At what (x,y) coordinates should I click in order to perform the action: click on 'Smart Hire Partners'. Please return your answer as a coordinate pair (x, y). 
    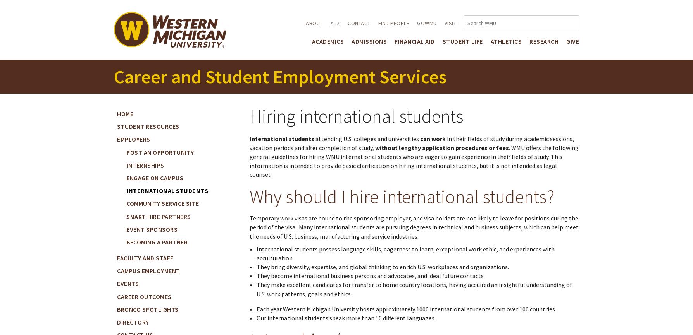
    Looking at the image, I should click on (158, 216).